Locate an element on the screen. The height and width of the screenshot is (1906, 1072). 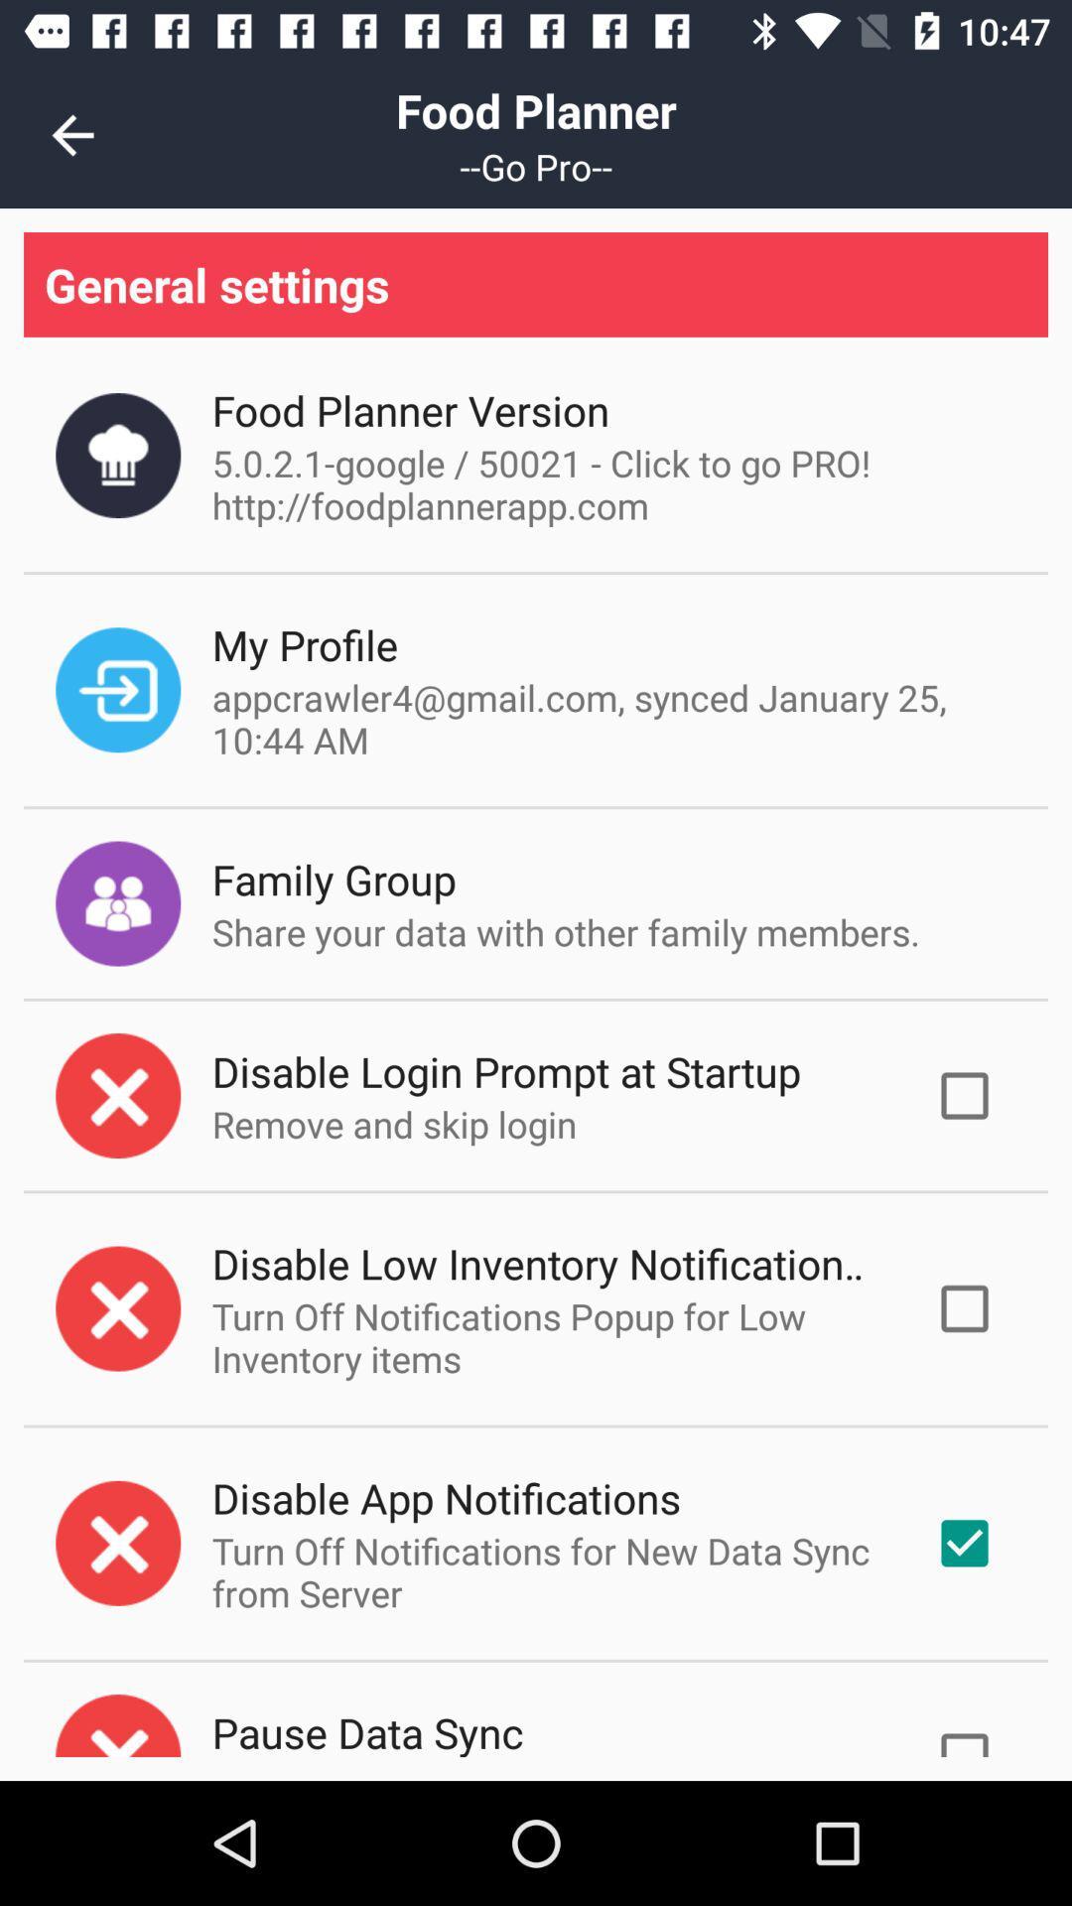
my profile icon is located at coordinates (305, 644).